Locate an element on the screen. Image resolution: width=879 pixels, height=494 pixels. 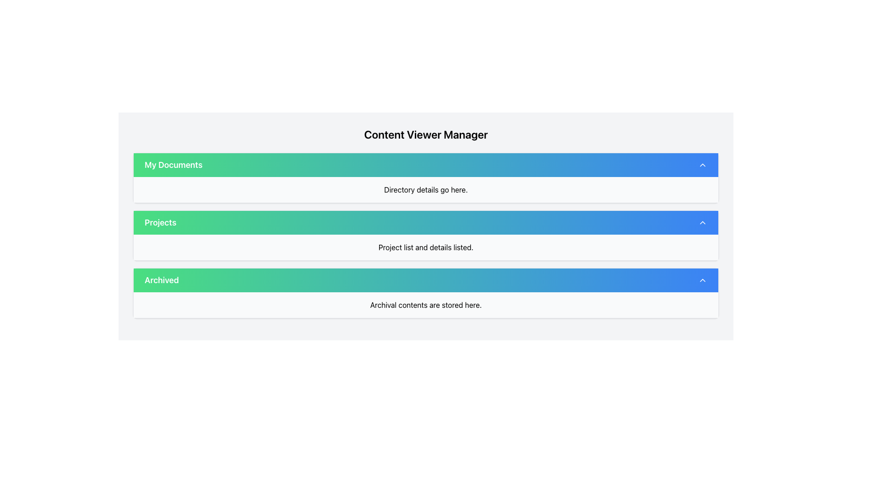
the upwards arrow icon (chevron style) located at the far right of the 'My Documents' header bar is located at coordinates (702, 165).